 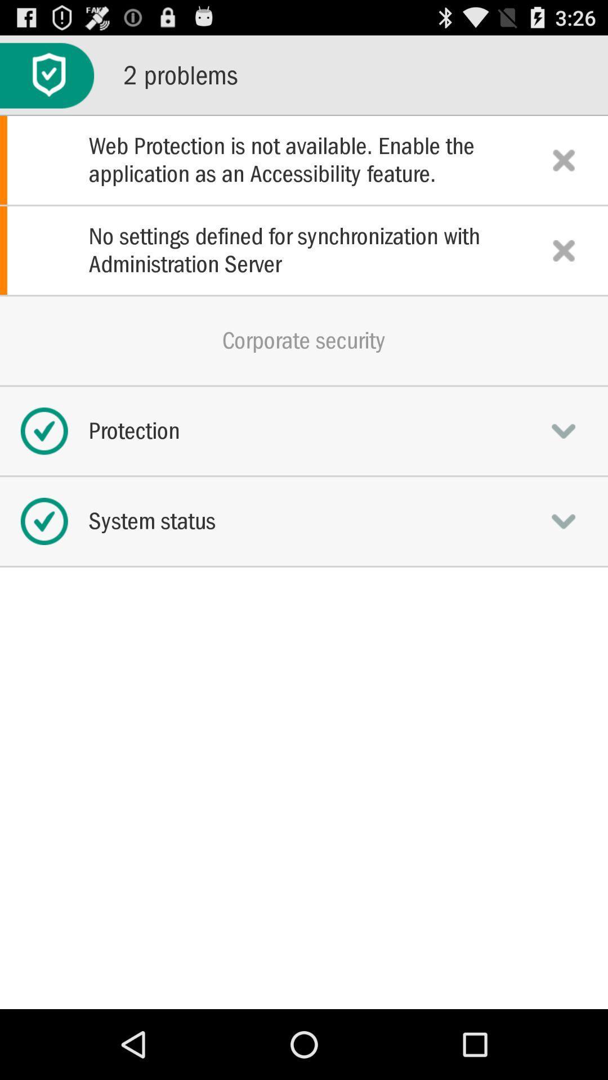 What do you see at coordinates (46, 75) in the screenshot?
I see `expand a list of problems` at bounding box center [46, 75].